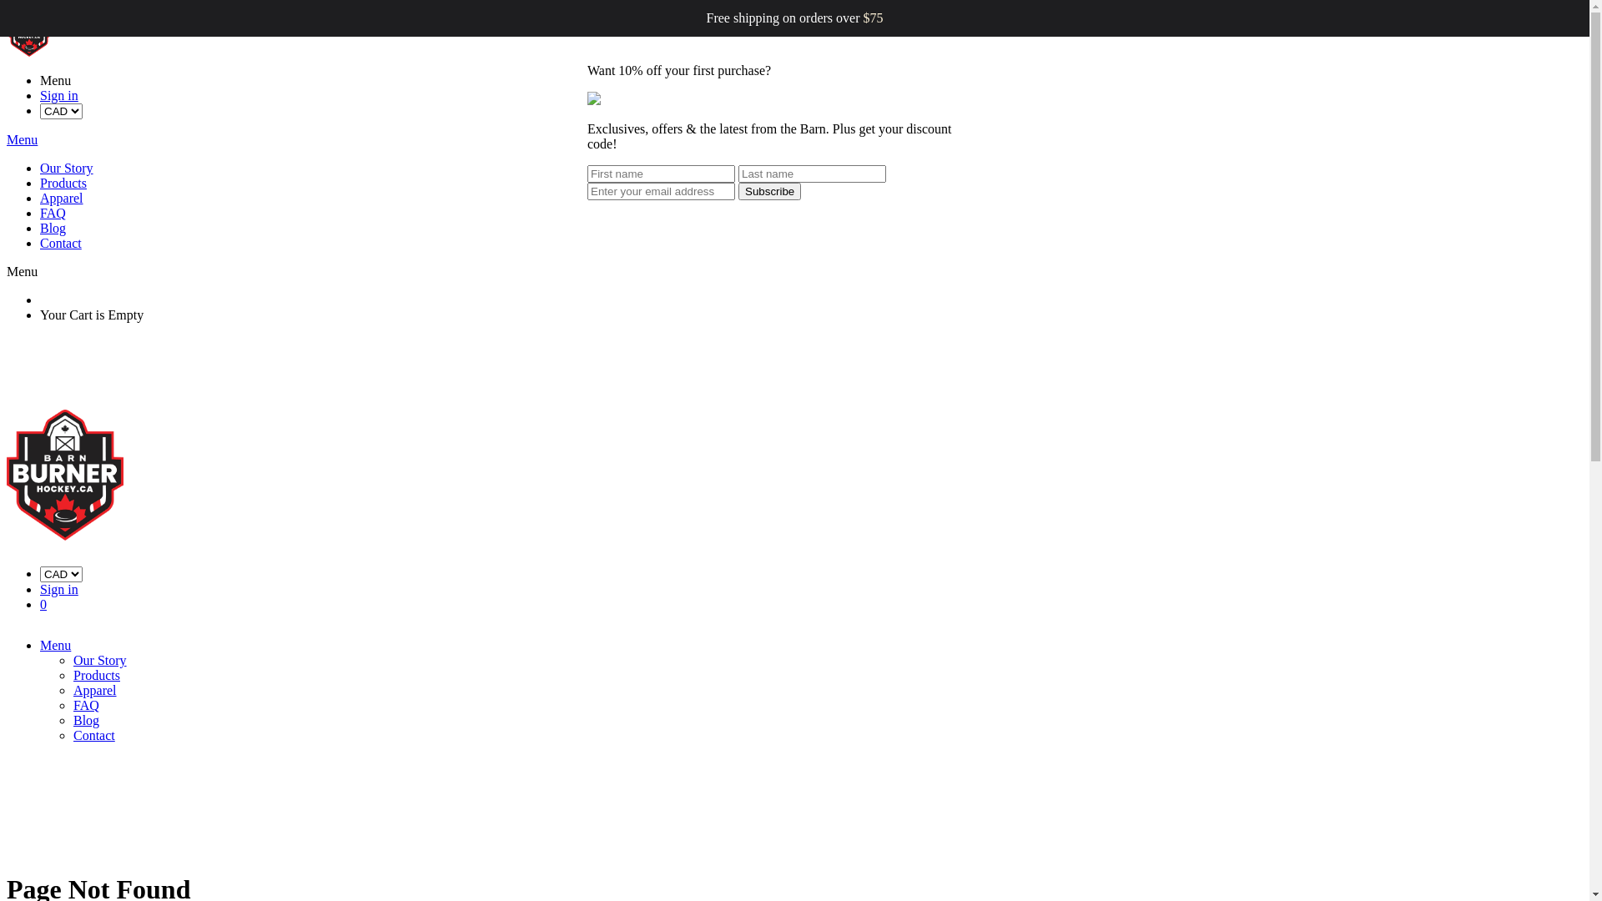 The height and width of the screenshot is (901, 1602). I want to click on 'Menu', so click(22, 138).